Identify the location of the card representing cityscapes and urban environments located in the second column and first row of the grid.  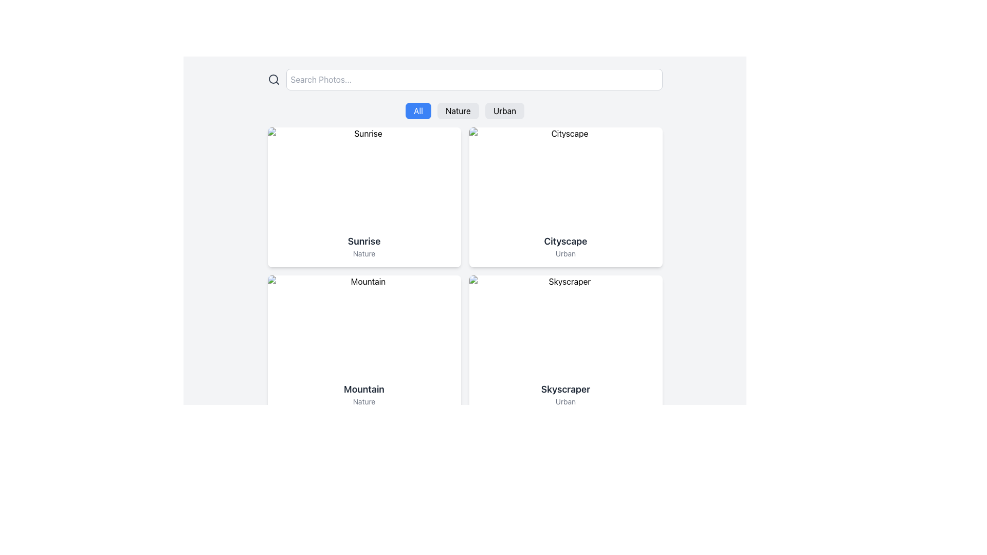
(565, 197).